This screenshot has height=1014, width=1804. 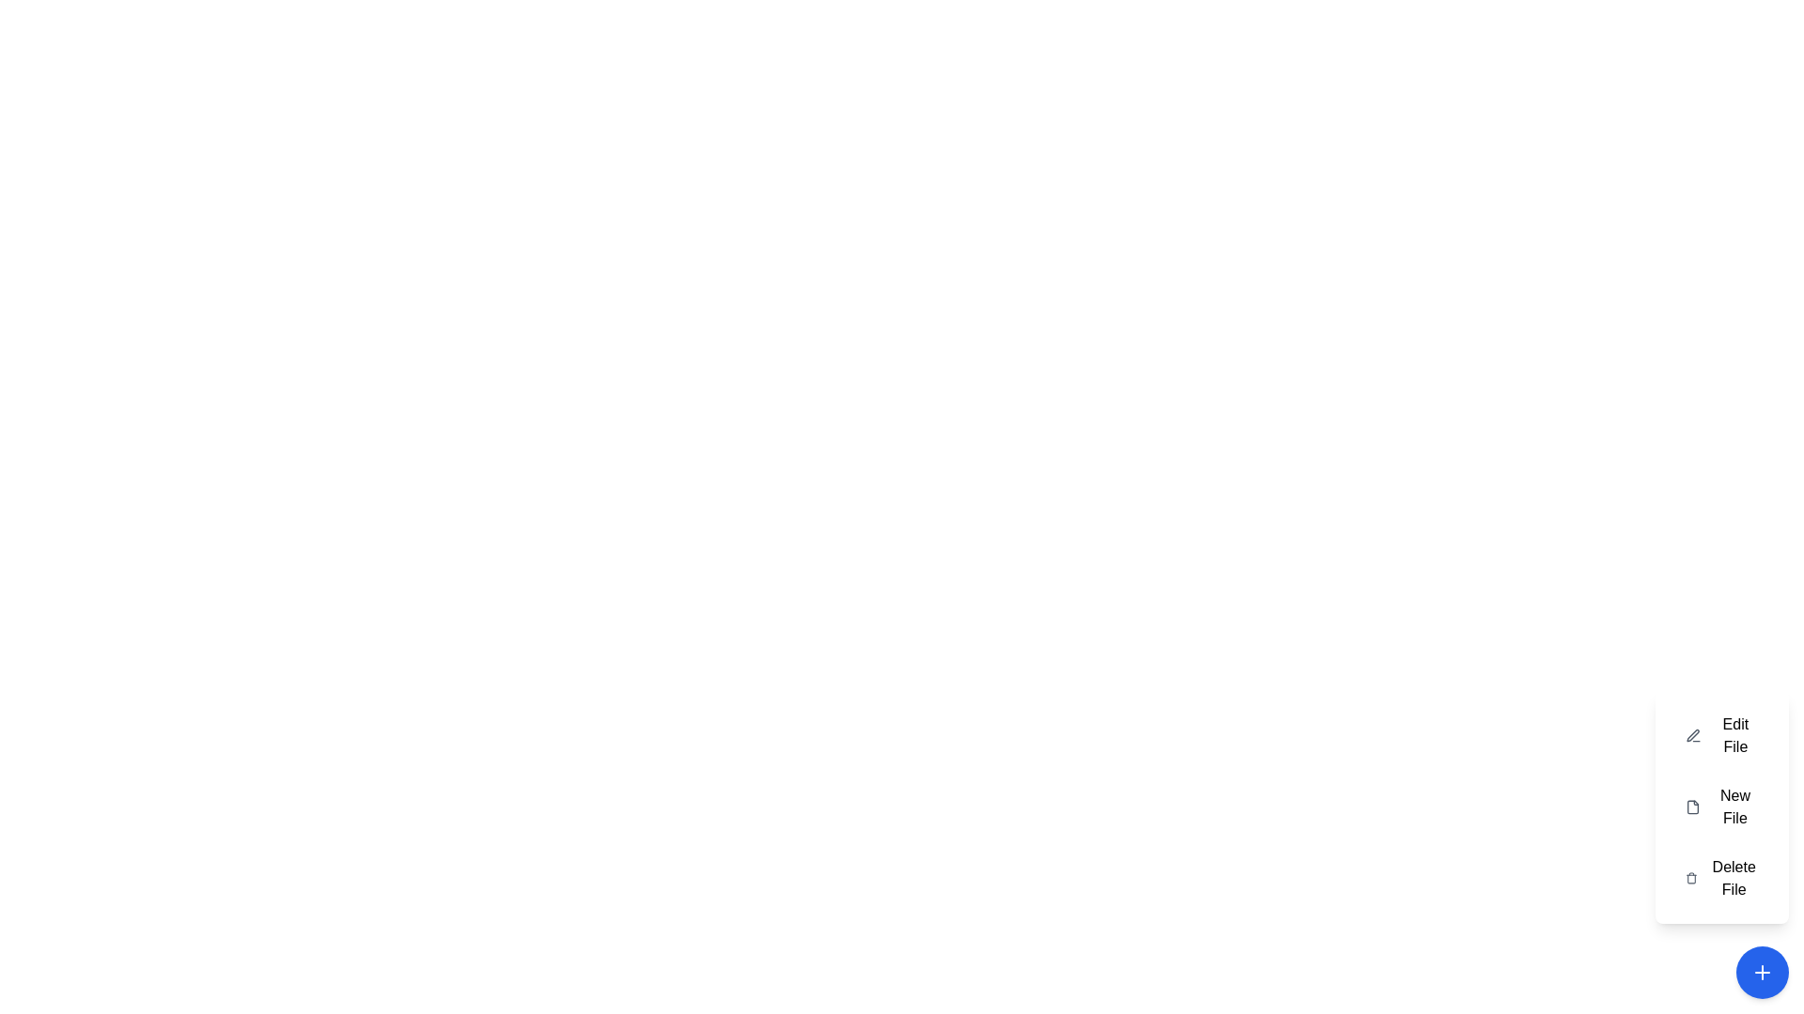 I want to click on the edit file icon located within the 'Edit File' button at the top of the vertical menu options on the right side of the interface, so click(x=1693, y=734).